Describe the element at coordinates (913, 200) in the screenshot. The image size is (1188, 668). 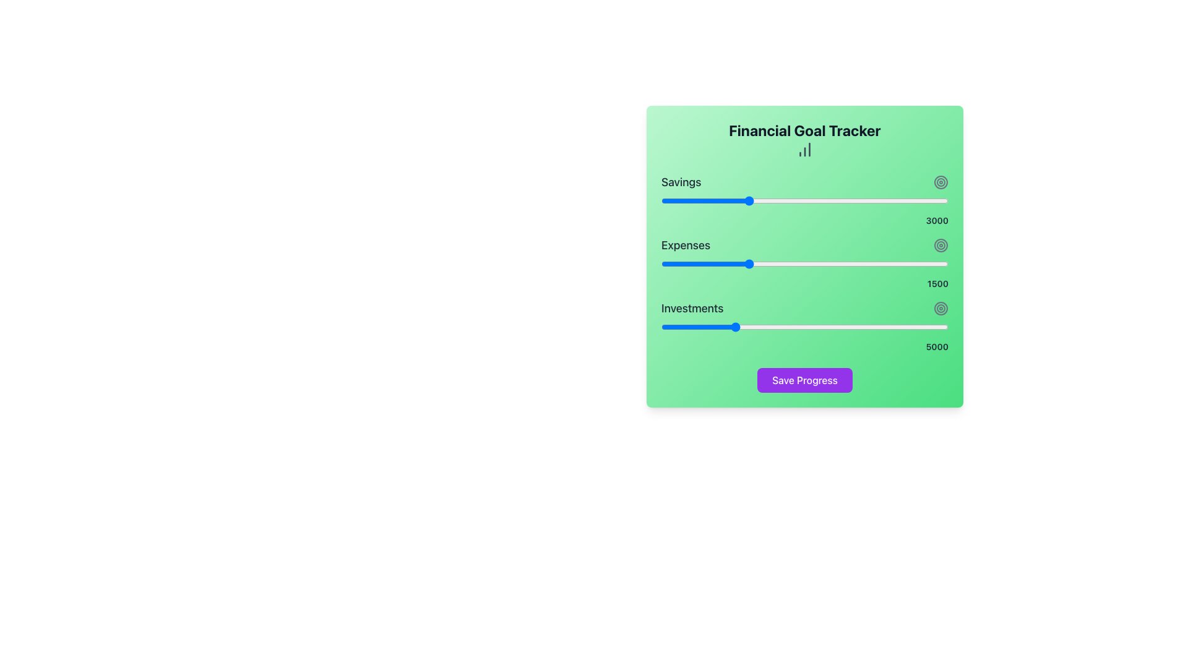
I see `the savings value` at that location.